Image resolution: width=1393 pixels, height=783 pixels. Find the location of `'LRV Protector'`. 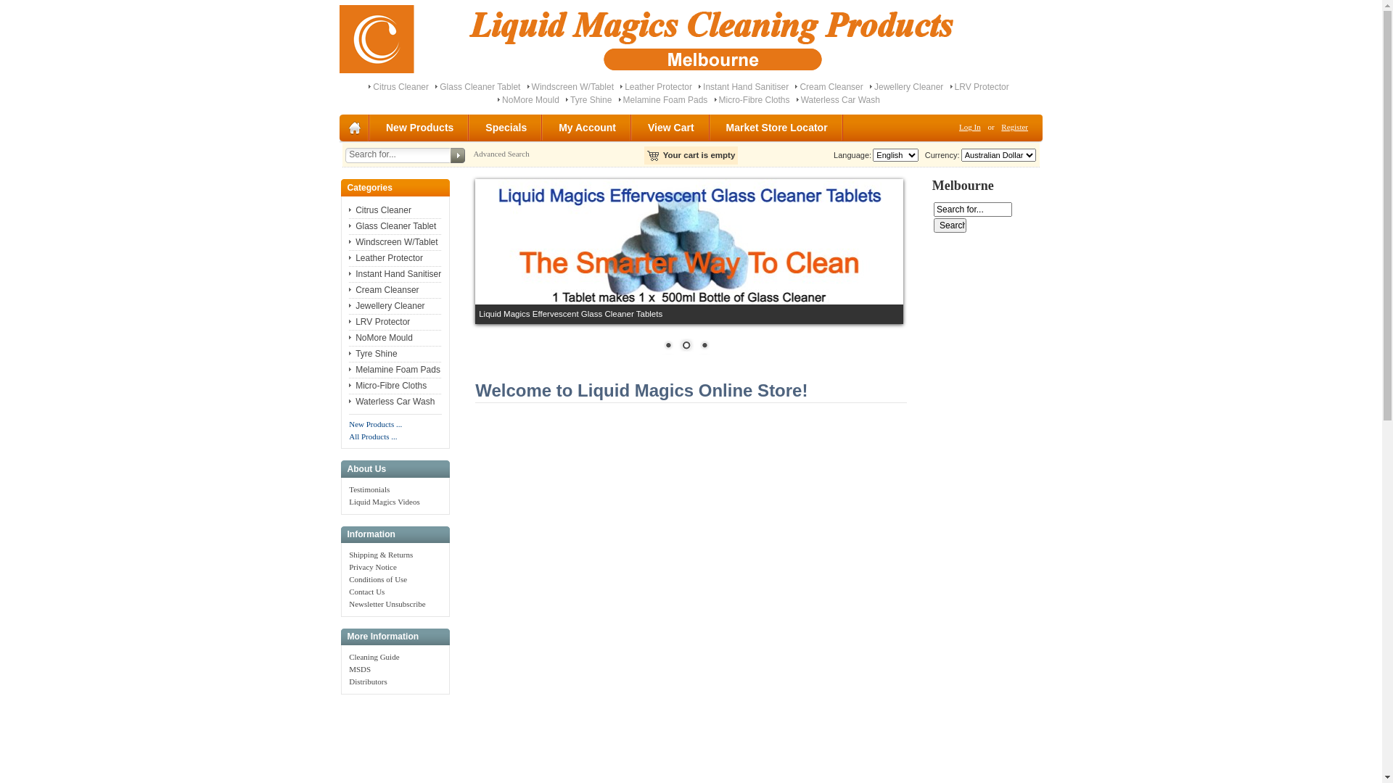

'LRV Protector' is located at coordinates (379, 320).